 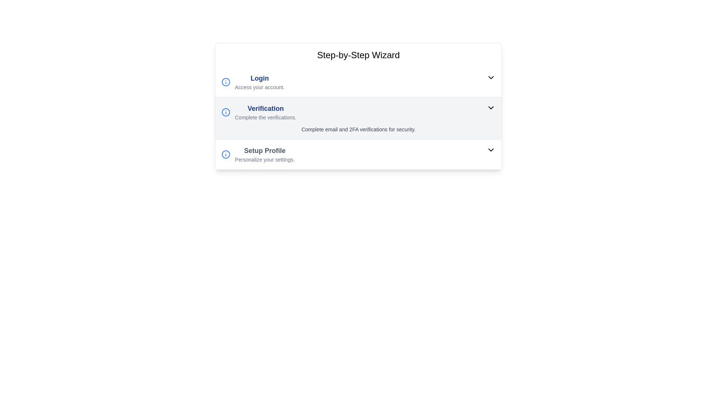 I want to click on the 'Setup Profile' section in the vertical list, so click(x=358, y=154).